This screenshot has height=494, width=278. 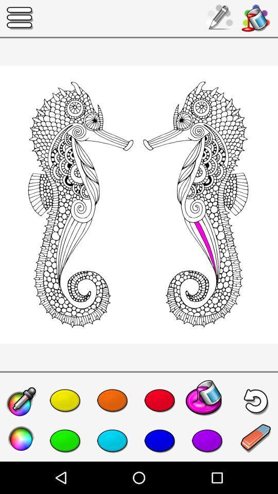 What do you see at coordinates (255, 437) in the screenshot?
I see `the edit icon` at bounding box center [255, 437].